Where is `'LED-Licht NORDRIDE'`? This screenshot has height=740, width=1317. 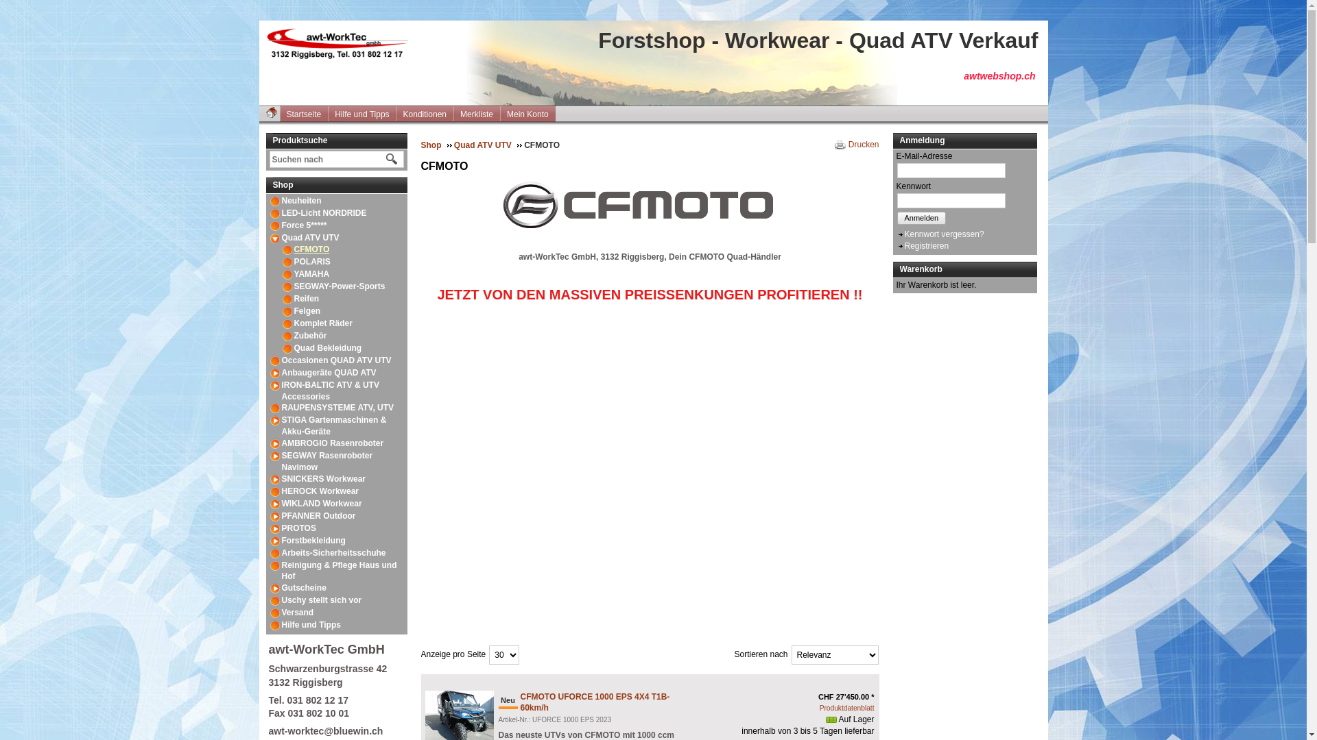 'LED-Licht NORDRIDE' is located at coordinates (280, 213).